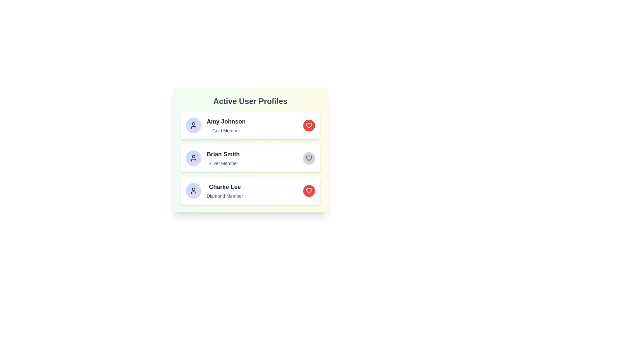 Image resolution: width=628 pixels, height=353 pixels. What do you see at coordinates (213, 158) in the screenshot?
I see `displayed information from the Profile component showing 'Brian Smith' and 'Silver Member' within a white card beneath 'Amy Johnson' and above 'Charlie Lee'` at bounding box center [213, 158].